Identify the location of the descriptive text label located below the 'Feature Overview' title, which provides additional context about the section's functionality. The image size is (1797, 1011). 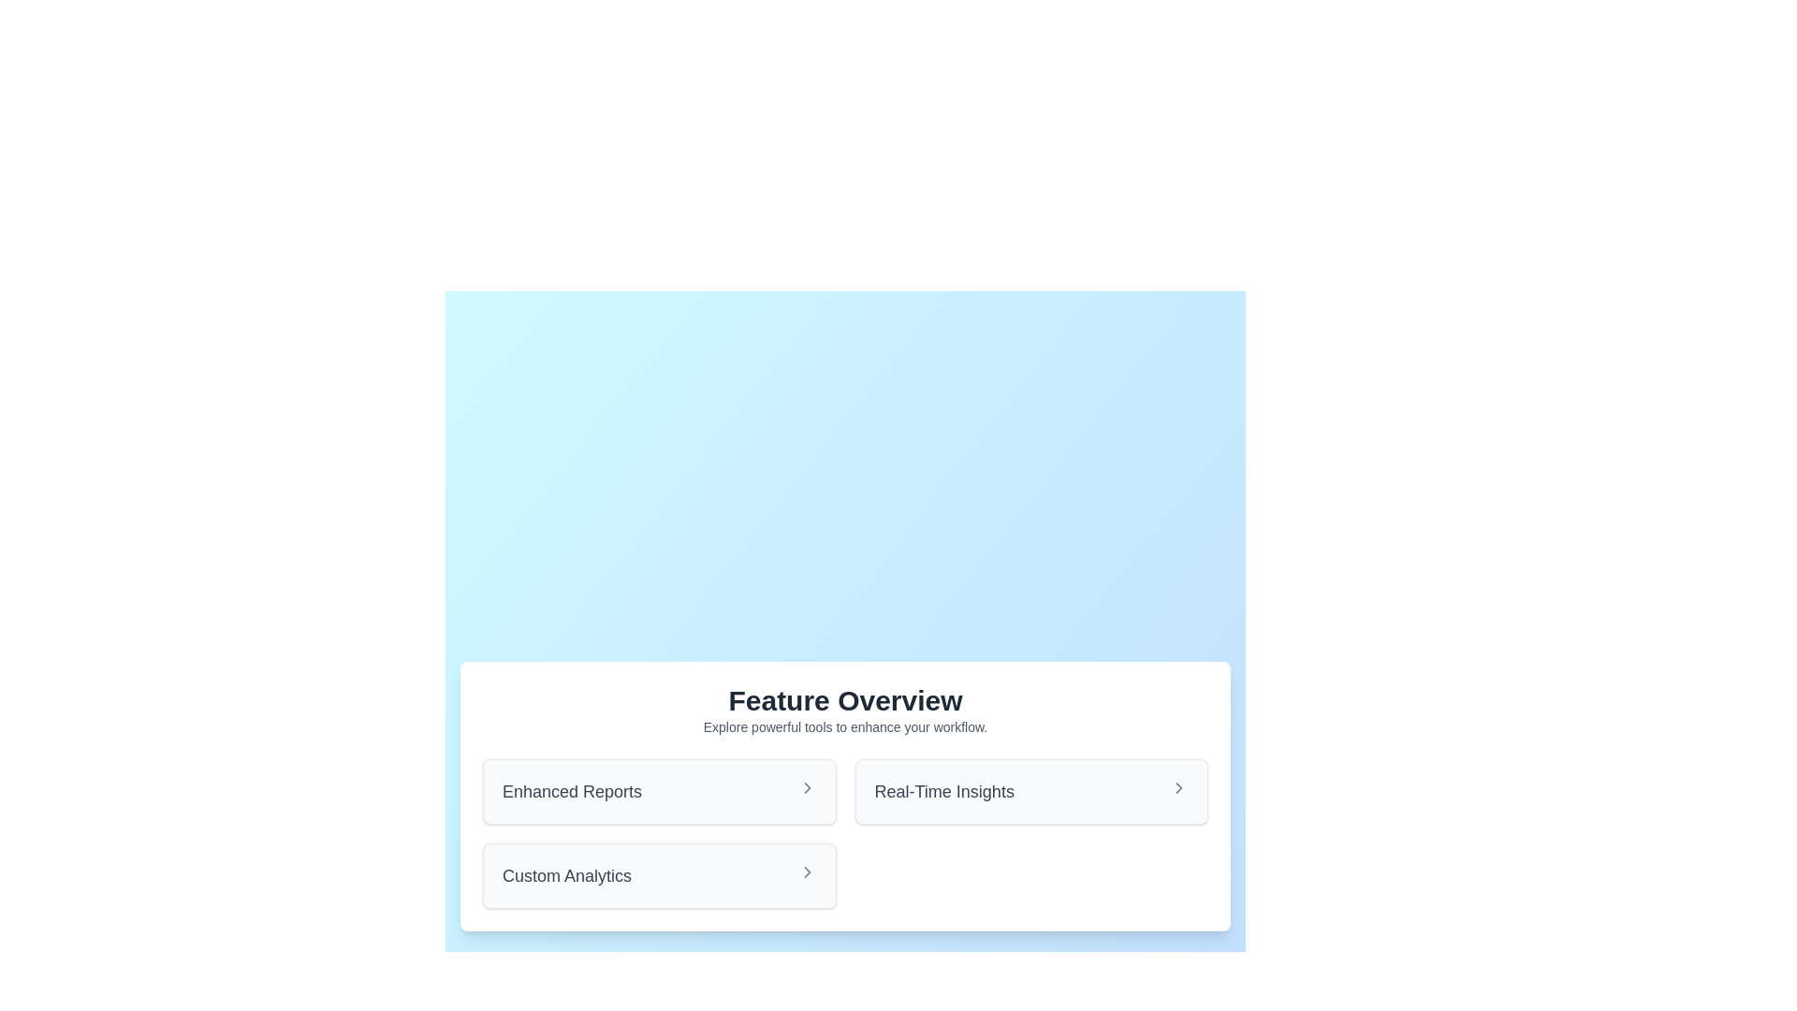
(844, 725).